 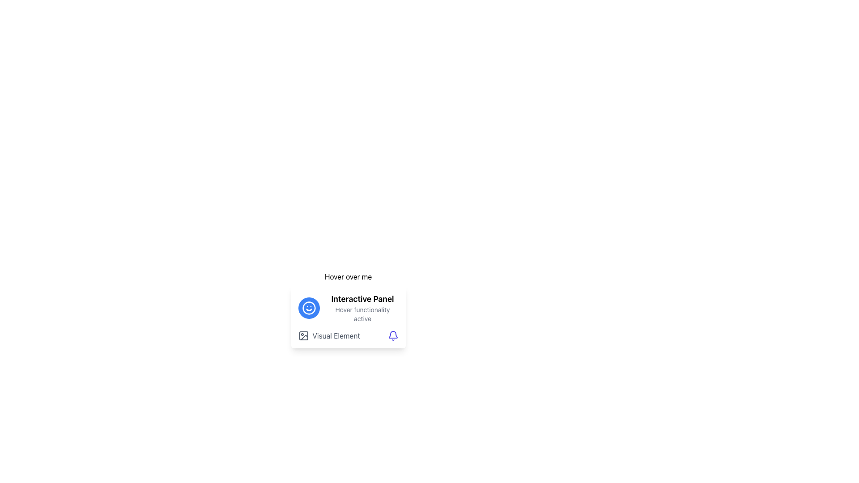 What do you see at coordinates (362, 314) in the screenshot?
I see `the Static Text Label displaying 'Hover functionality active' located below the title 'Interactive Panel'` at bounding box center [362, 314].